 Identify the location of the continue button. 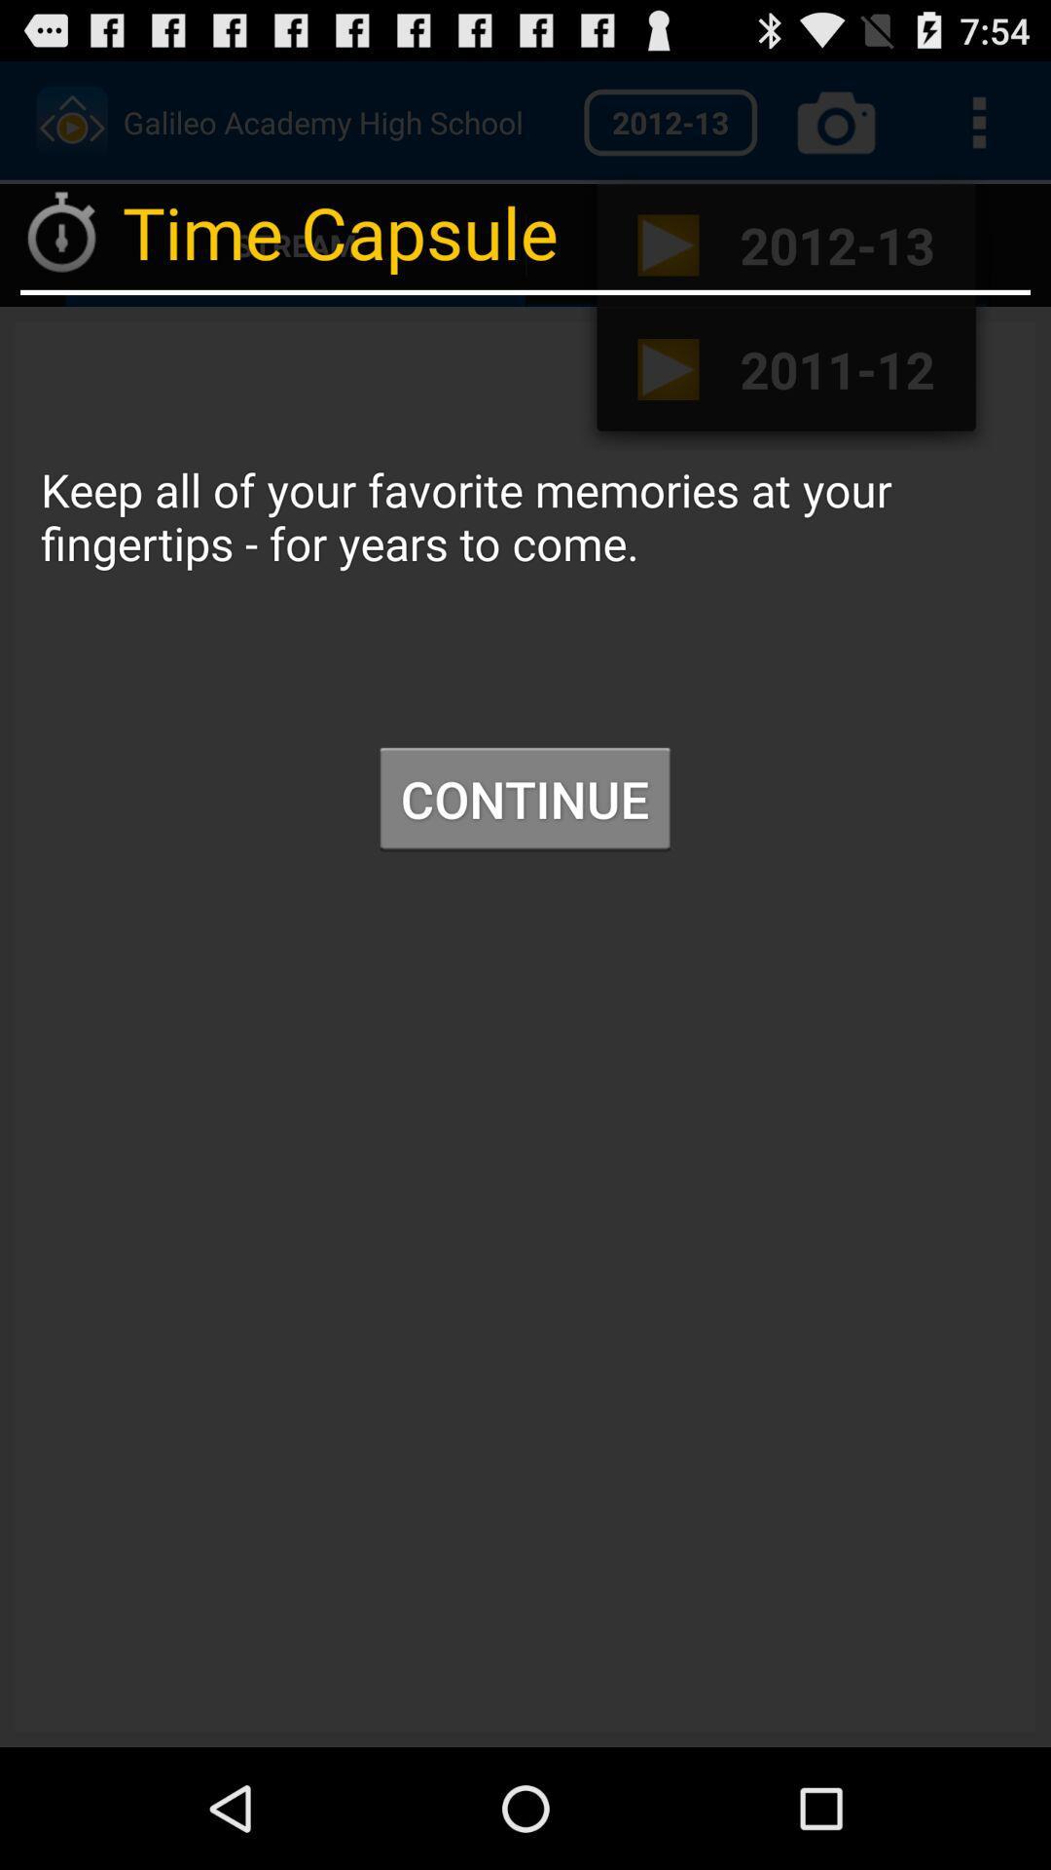
(524, 799).